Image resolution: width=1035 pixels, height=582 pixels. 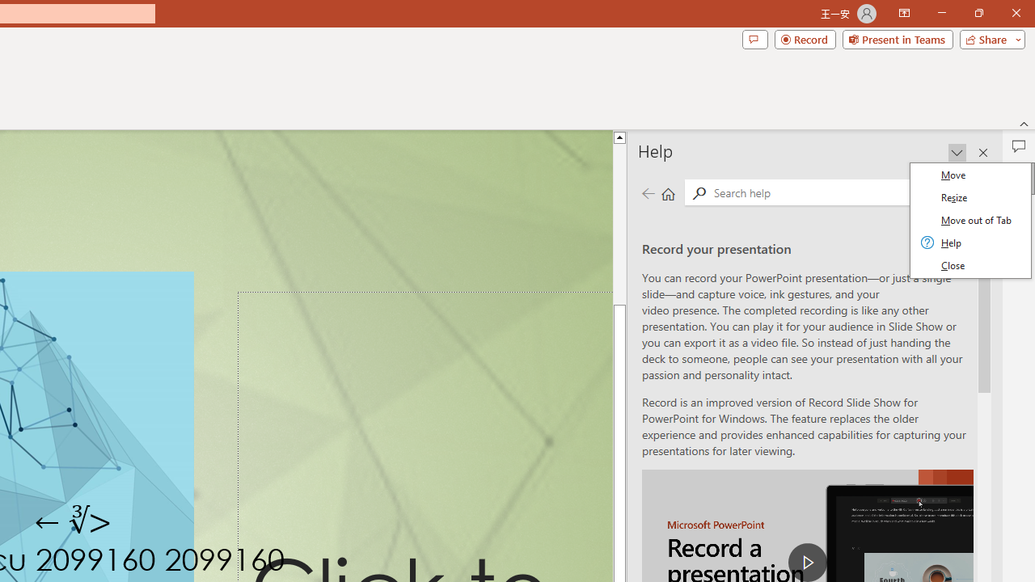 I want to click on 'Class: Net UI Tool Window', so click(x=970, y=220).